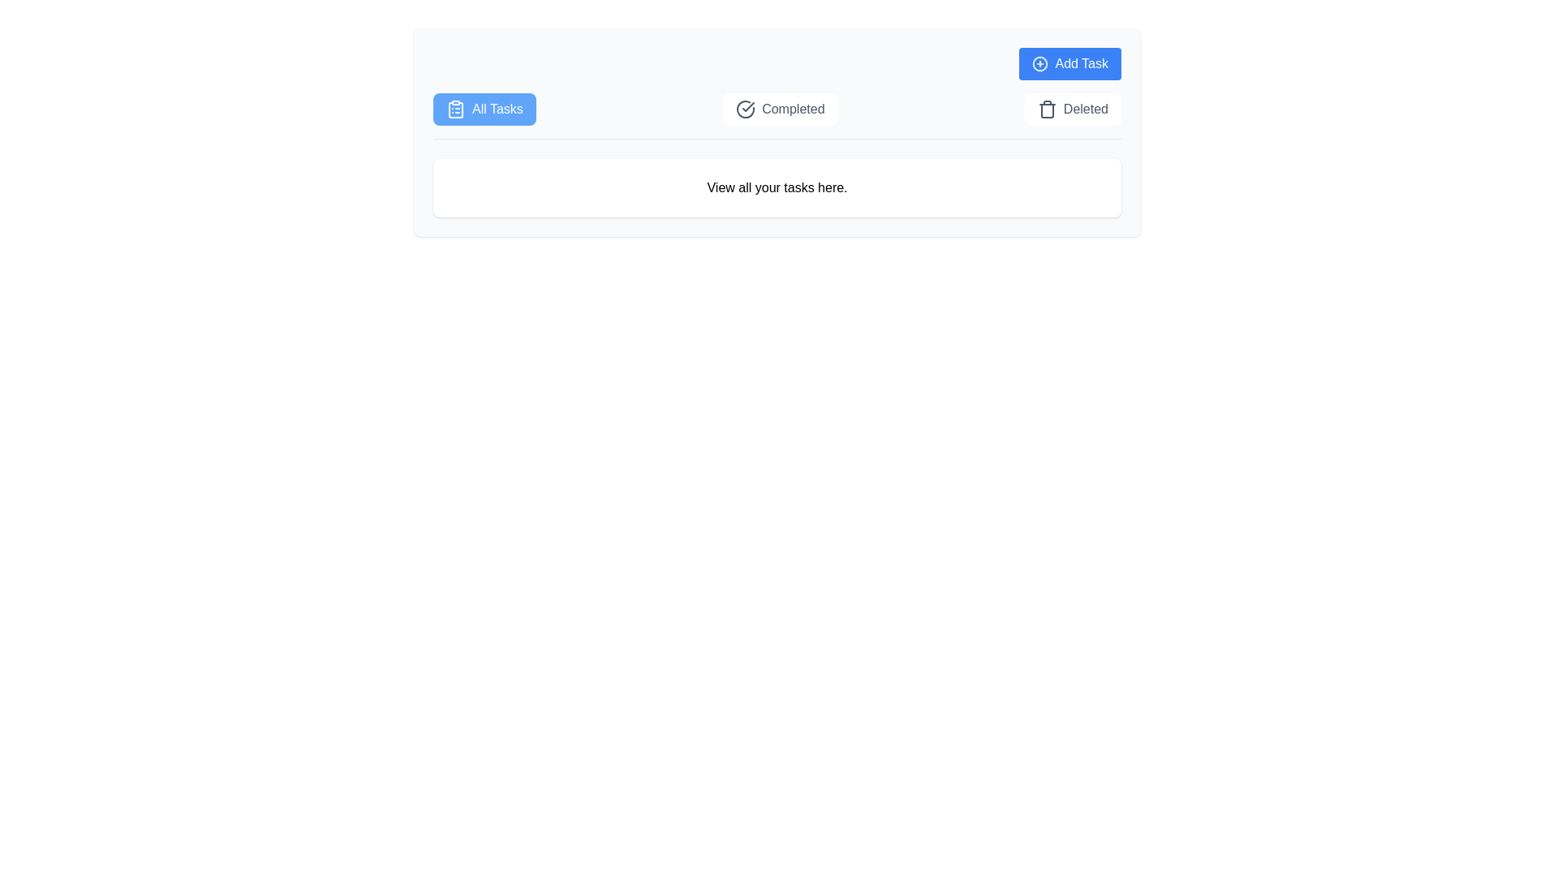 The height and width of the screenshot is (876, 1558). I want to click on the plus sign icon inside the 'Add Task' button, which is located at the far right side of the top bar of the interface, so click(1040, 62).